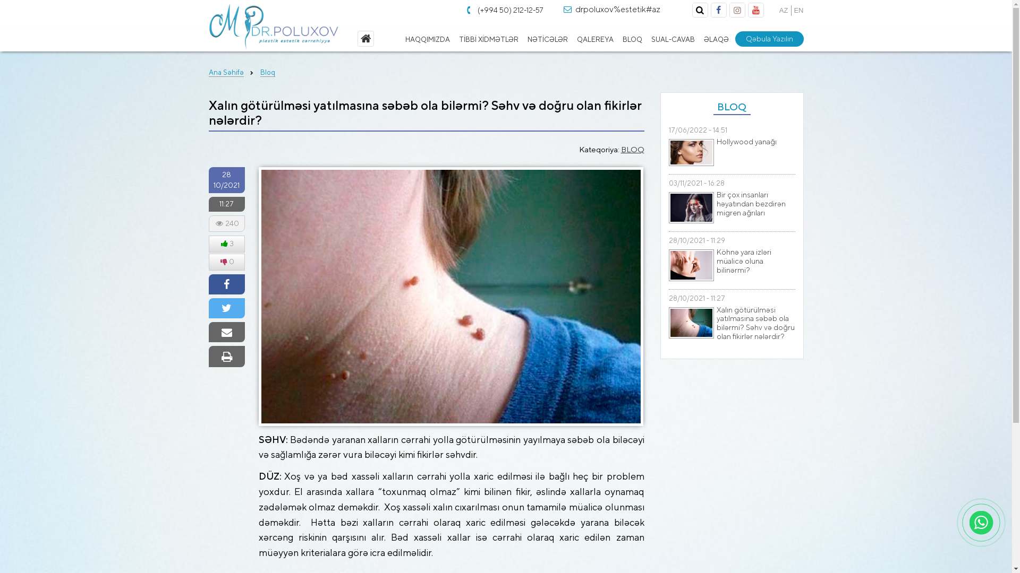 This screenshot has width=1020, height=573. Describe the element at coordinates (260, 72) in the screenshot. I see `'Bloq'` at that location.